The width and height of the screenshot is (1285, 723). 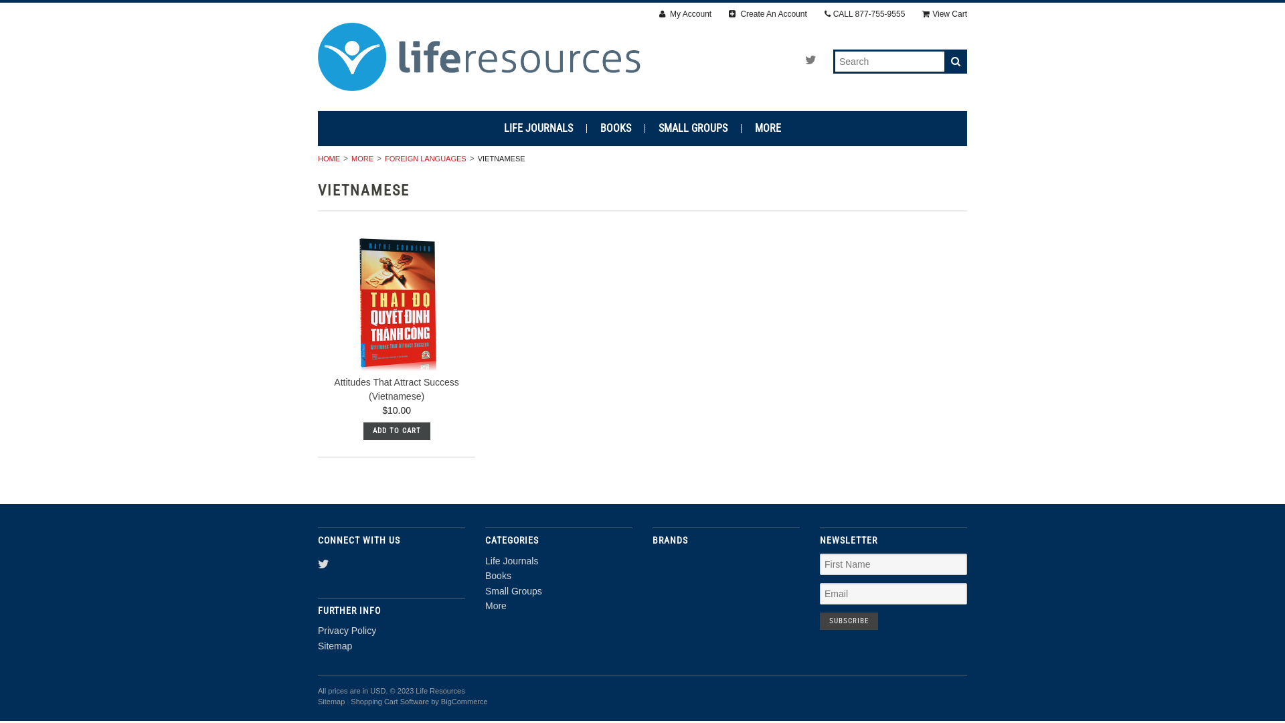 I want to click on 'Shopping Cart Software', so click(x=389, y=701).